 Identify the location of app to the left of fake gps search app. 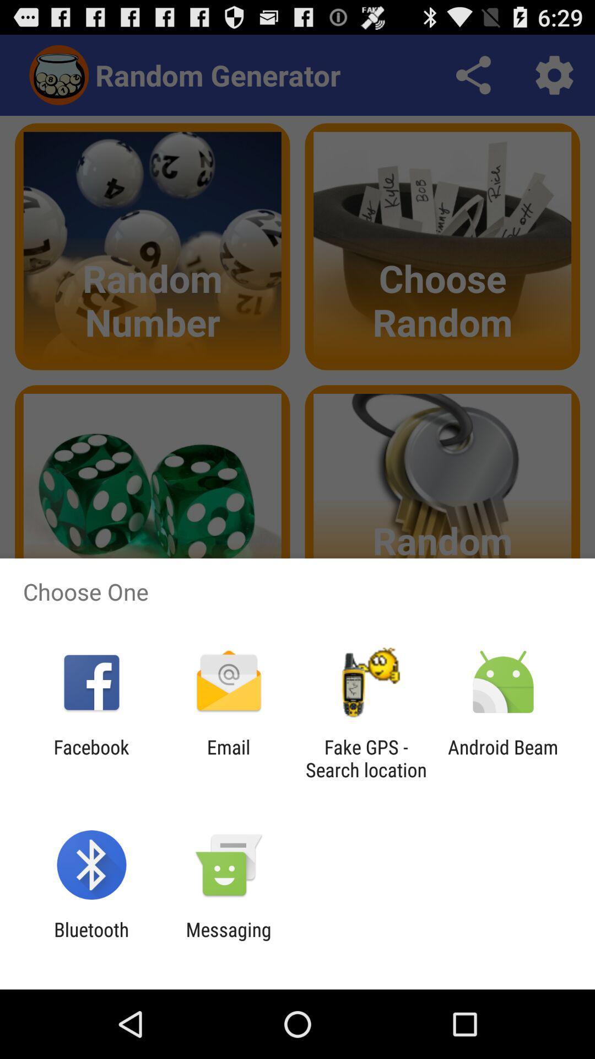
(228, 758).